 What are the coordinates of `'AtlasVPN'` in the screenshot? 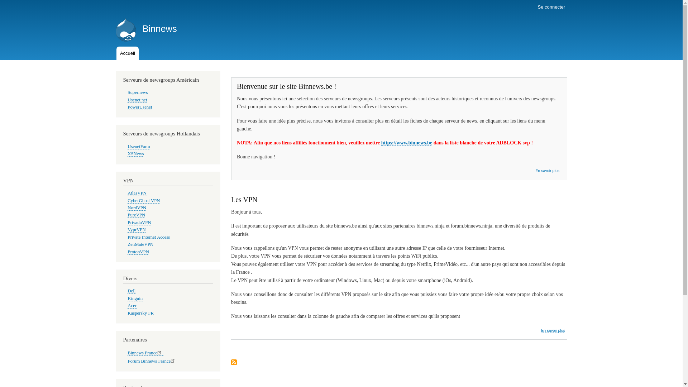 It's located at (127, 193).